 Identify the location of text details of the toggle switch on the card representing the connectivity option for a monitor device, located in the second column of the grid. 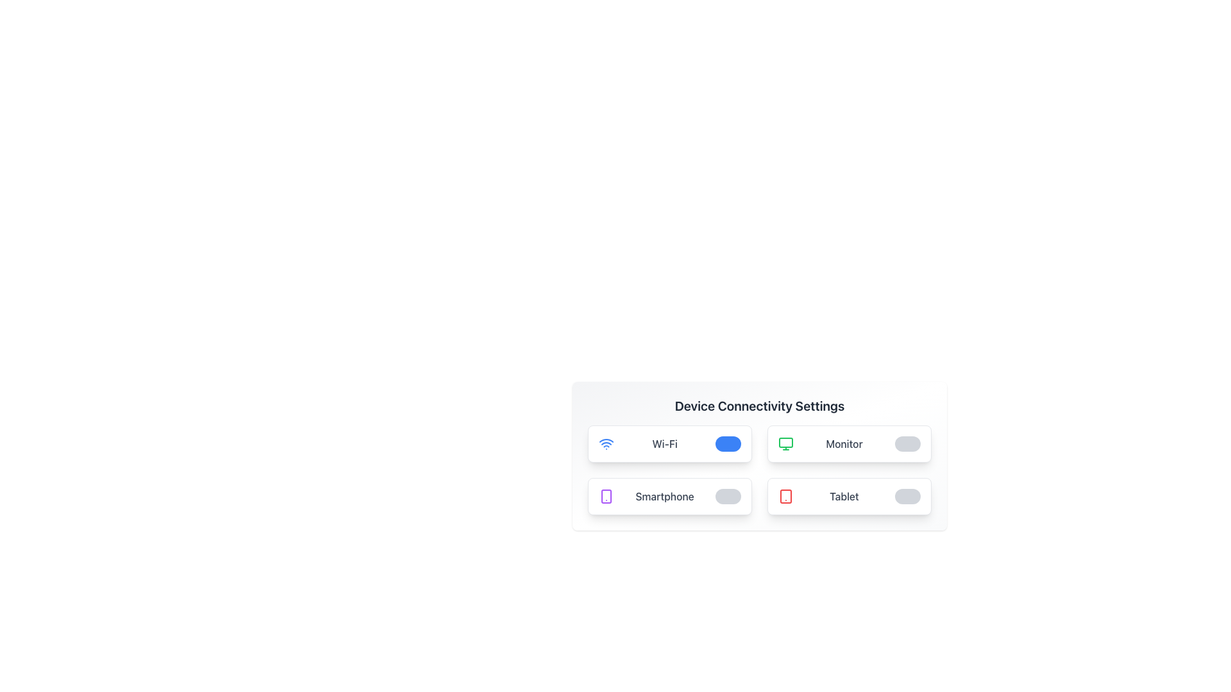
(849, 443).